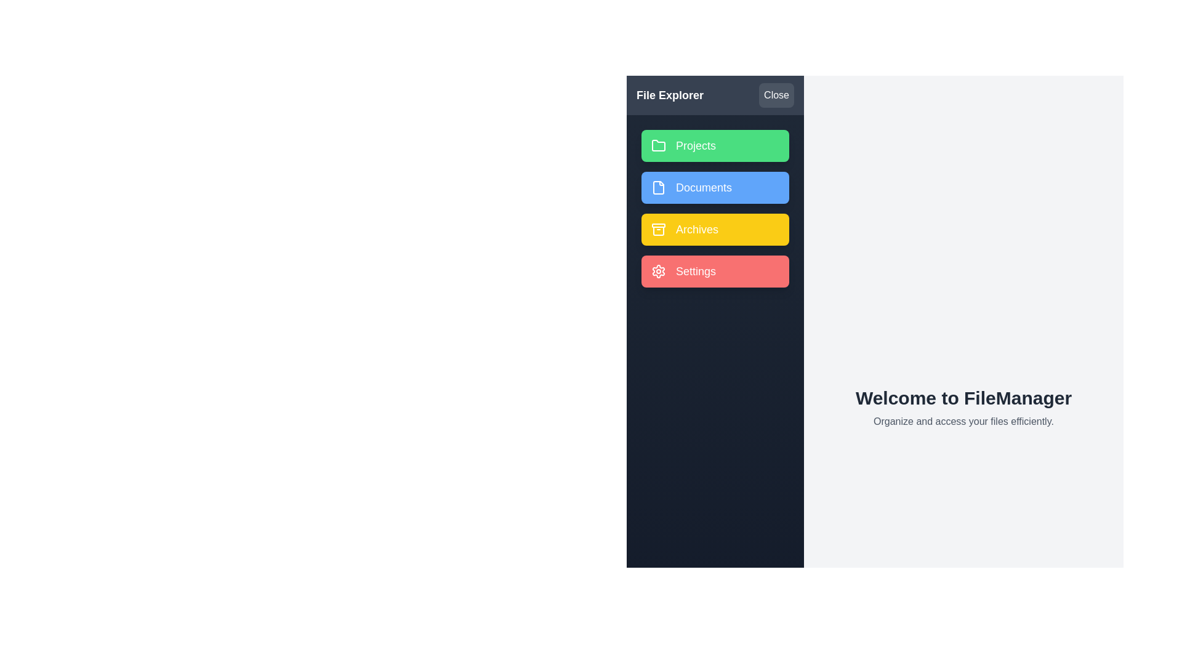  What do you see at coordinates (715, 145) in the screenshot?
I see `the Projects button to navigate to the respective section` at bounding box center [715, 145].